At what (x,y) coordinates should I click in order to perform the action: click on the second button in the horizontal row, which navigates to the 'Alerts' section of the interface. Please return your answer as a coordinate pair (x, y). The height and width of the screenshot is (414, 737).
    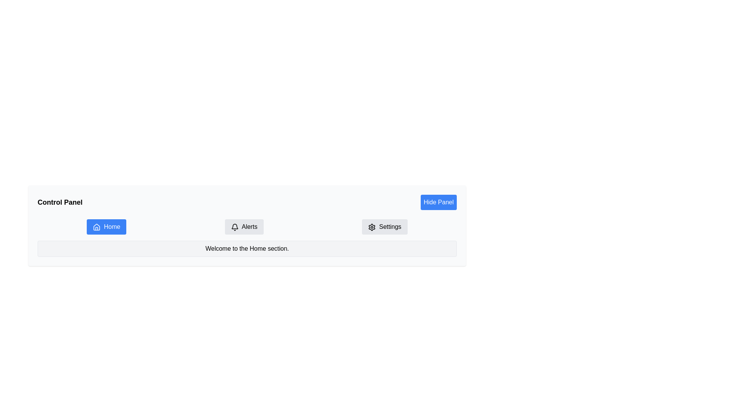
    Looking at the image, I should click on (244, 226).